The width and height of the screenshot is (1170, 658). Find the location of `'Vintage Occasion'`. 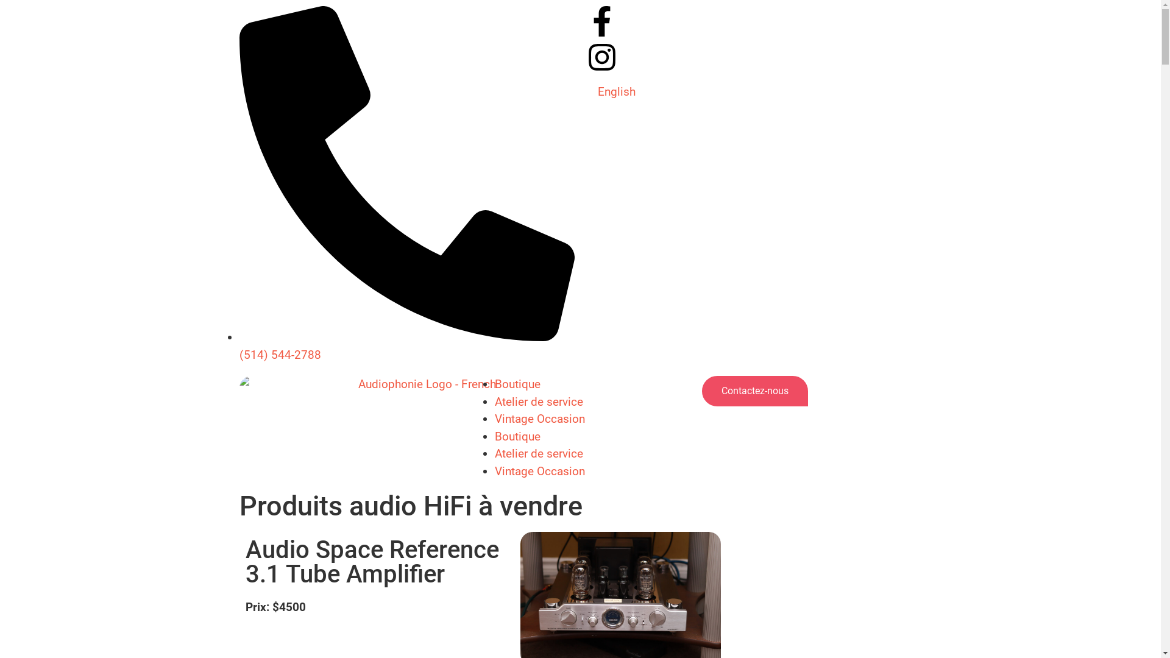

'Vintage Occasion' is located at coordinates (539, 470).